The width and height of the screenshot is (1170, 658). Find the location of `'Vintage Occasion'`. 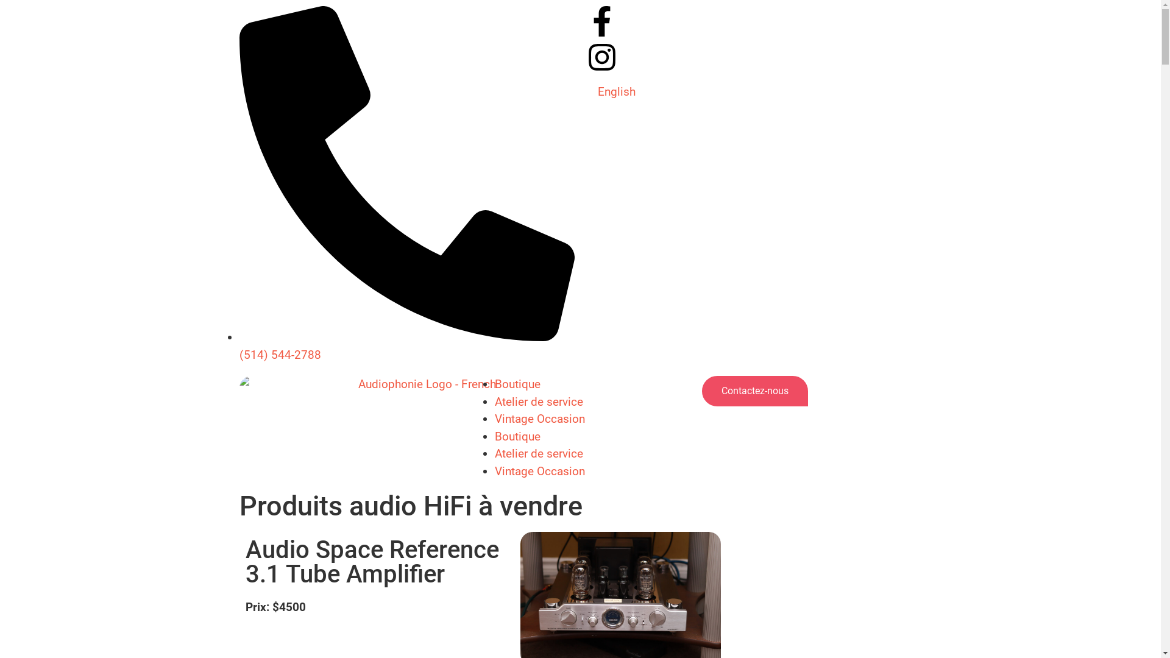

'Vintage Occasion' is located at coordinates (539, 470).